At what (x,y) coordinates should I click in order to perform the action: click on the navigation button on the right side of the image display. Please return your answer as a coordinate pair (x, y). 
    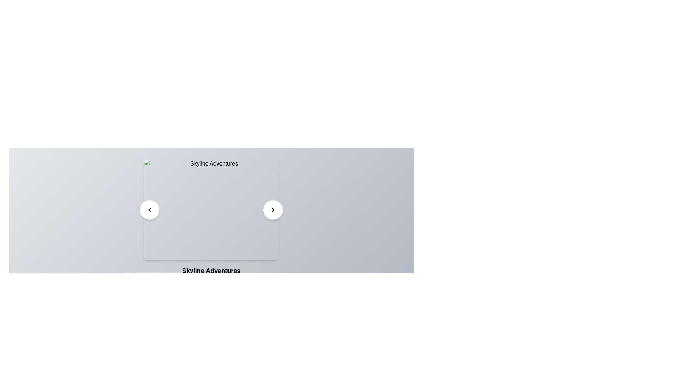
    Looking at the image, I should click on (272, 210).